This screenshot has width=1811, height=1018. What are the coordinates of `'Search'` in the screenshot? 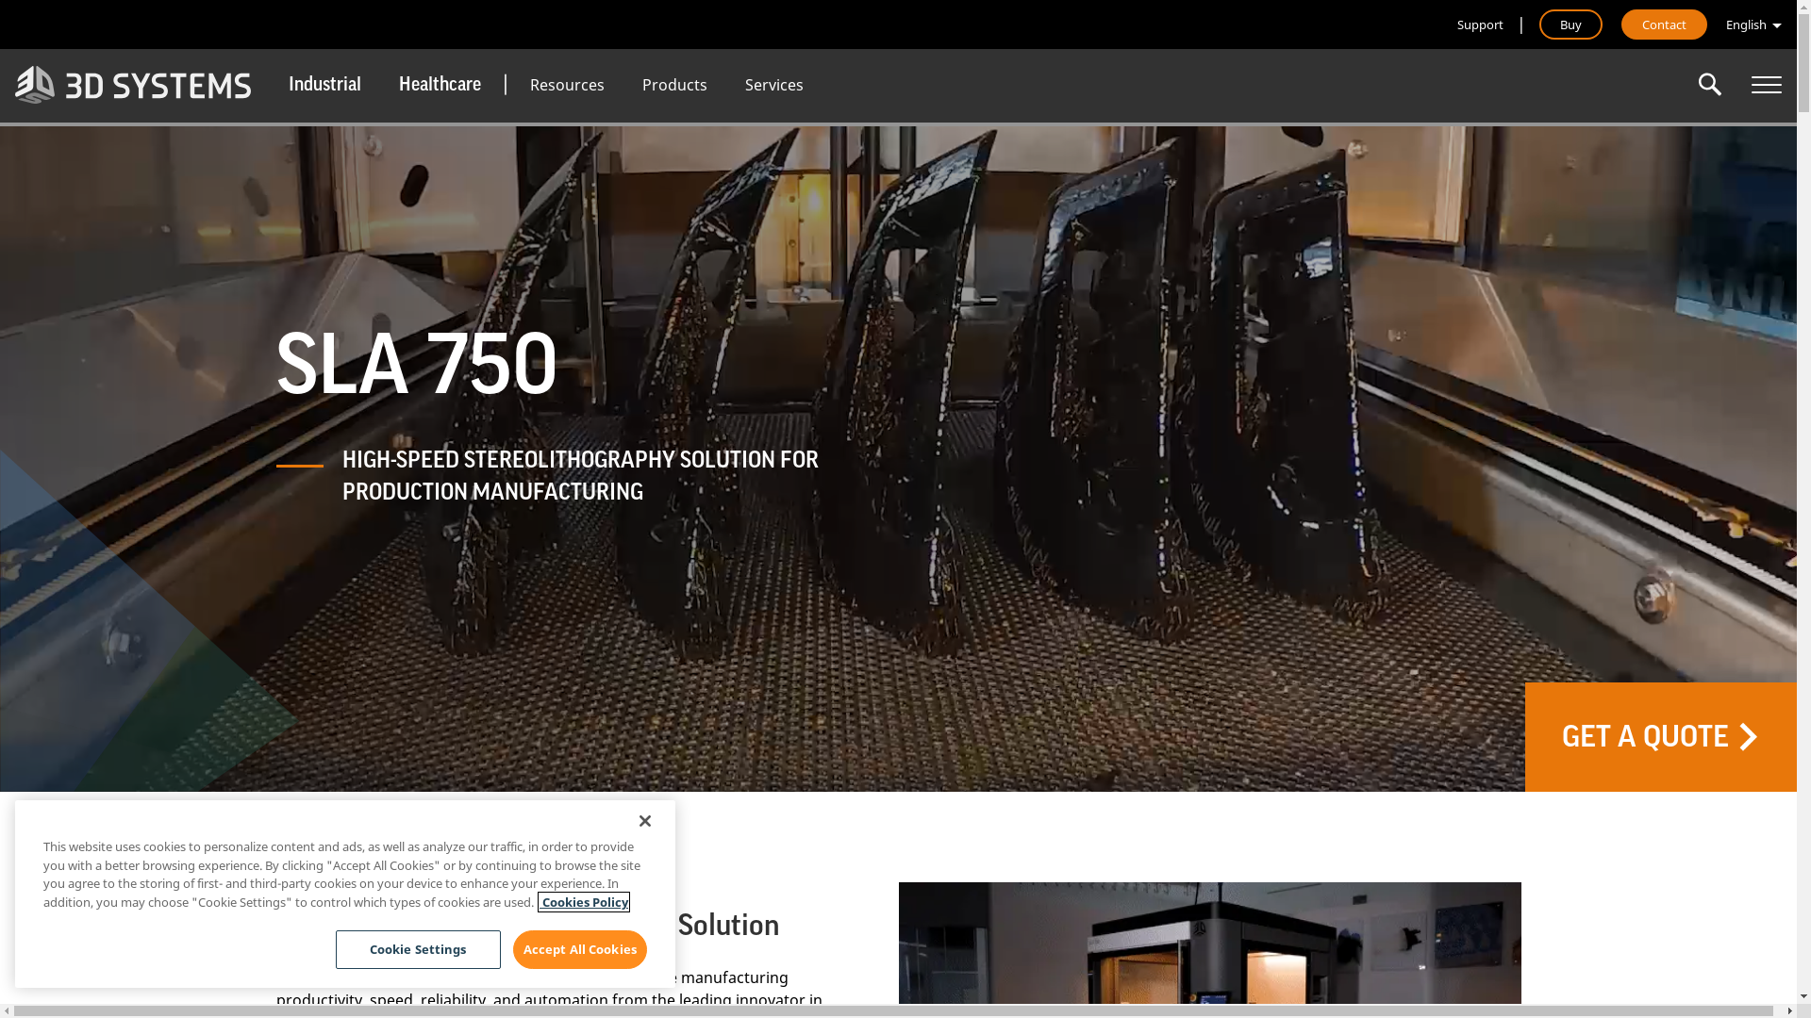 It's located at (1710, 83).